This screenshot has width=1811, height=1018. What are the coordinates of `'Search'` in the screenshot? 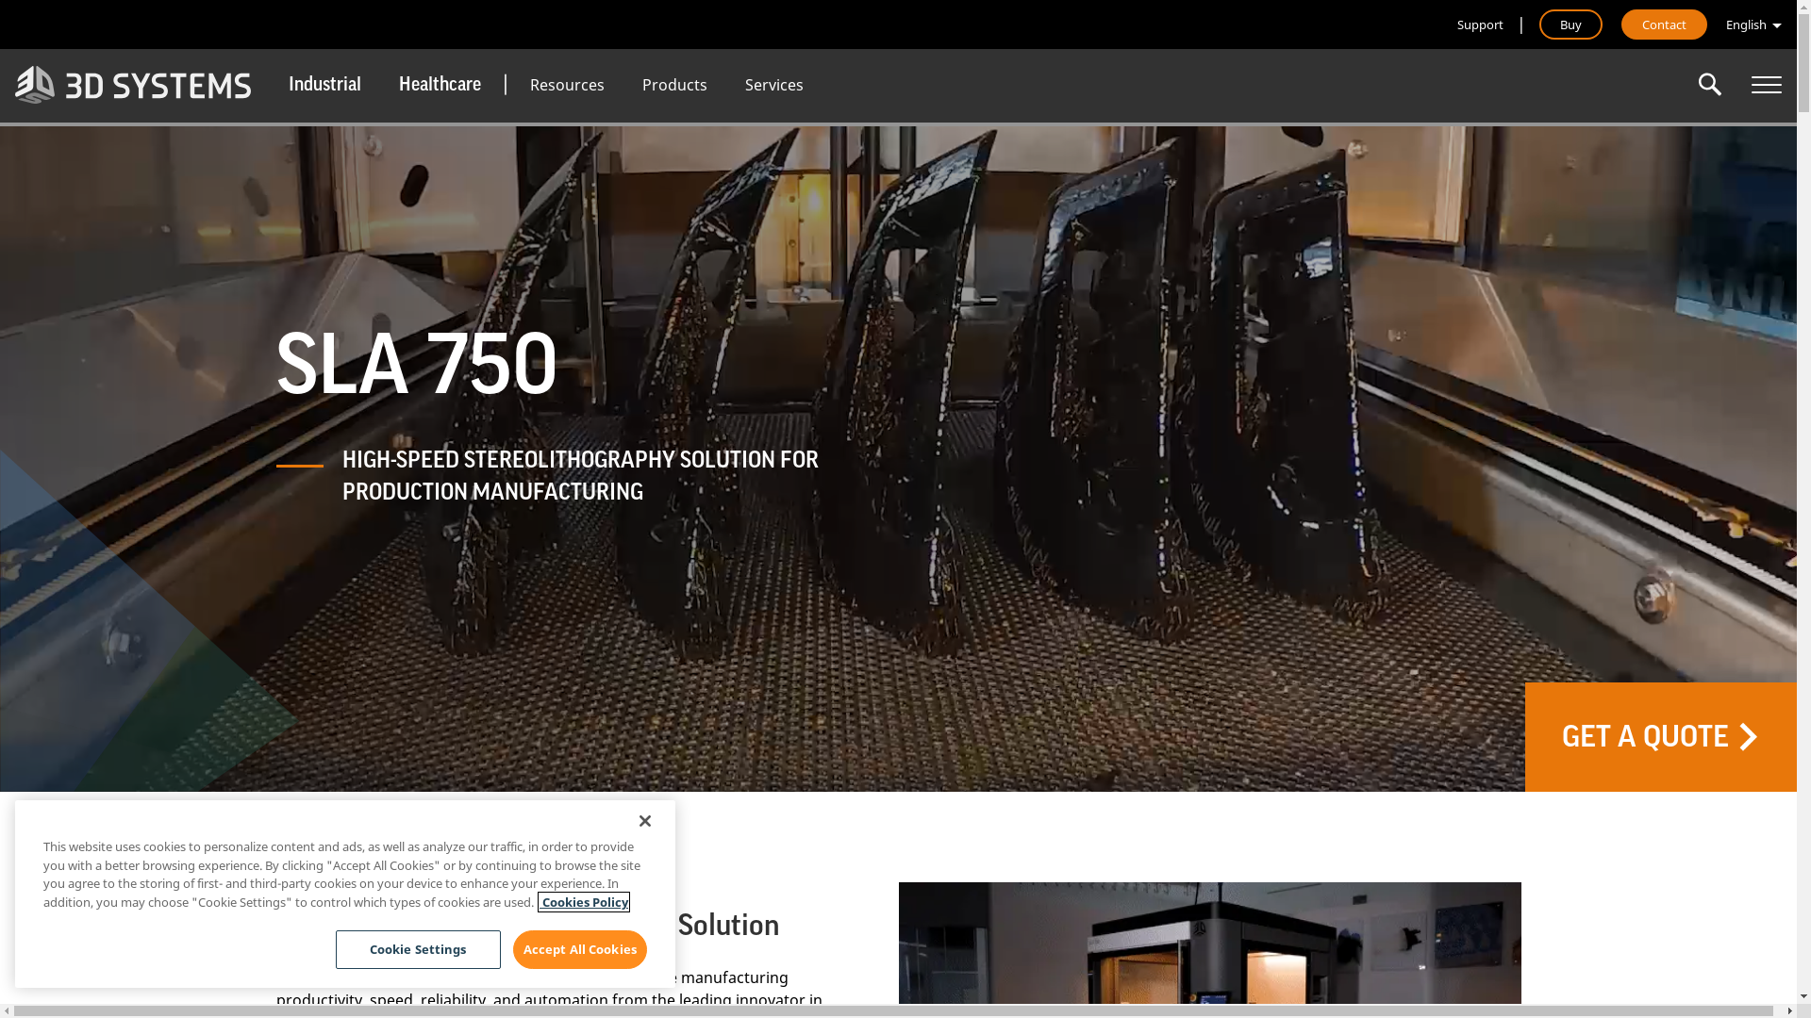 It's located at (1710, 83).